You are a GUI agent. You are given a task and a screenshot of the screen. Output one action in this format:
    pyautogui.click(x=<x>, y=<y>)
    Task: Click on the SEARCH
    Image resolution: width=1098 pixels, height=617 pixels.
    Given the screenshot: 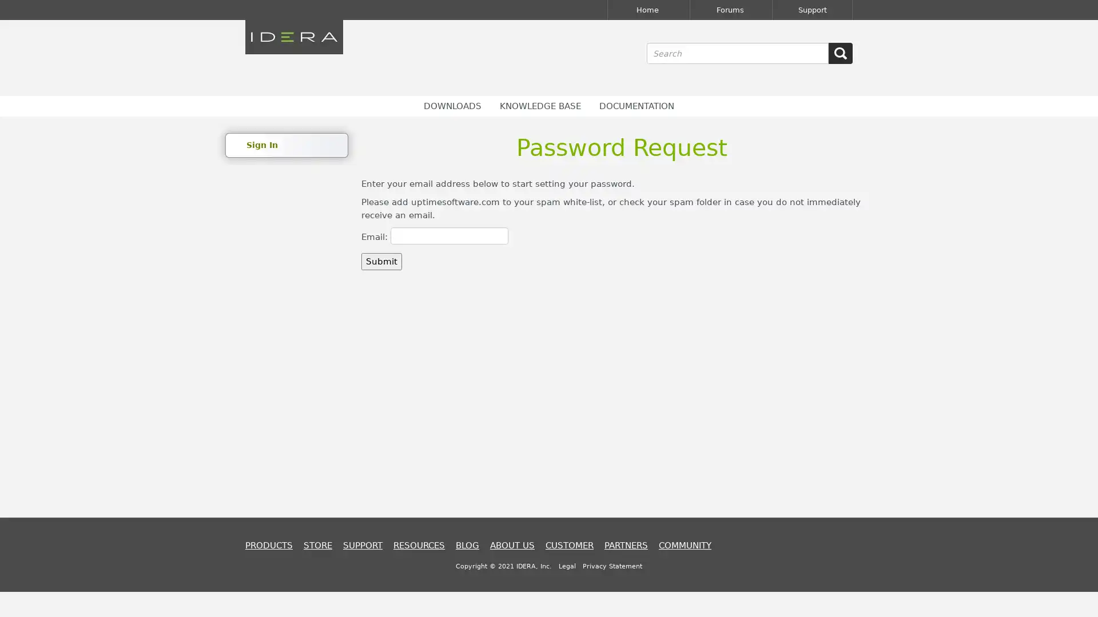 What is the action you would take?
    pyautogui.click(x=840, y=53)
    